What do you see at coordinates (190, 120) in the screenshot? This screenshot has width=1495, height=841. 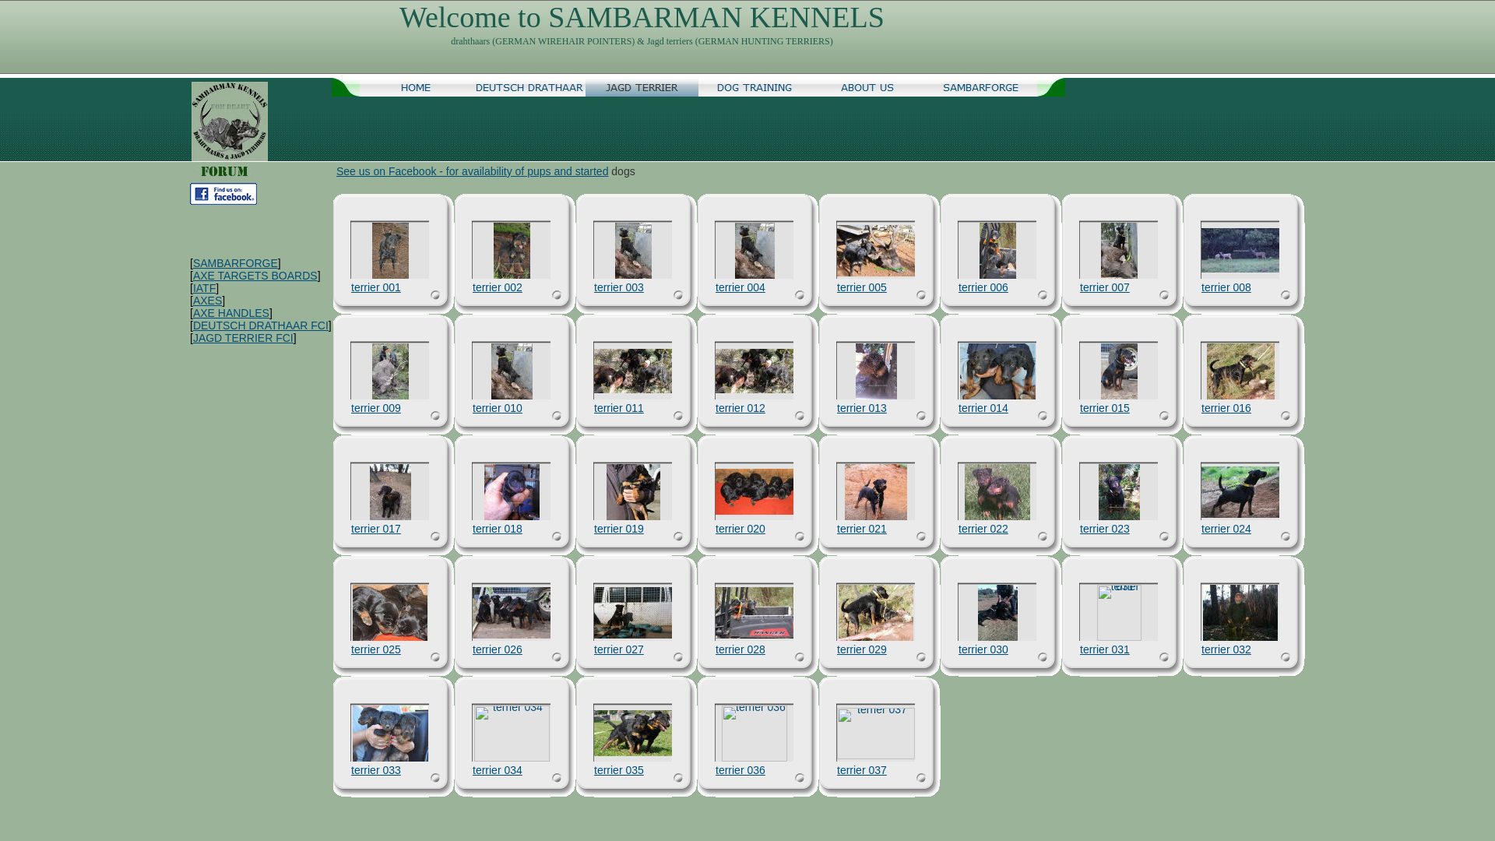 I see `'sambarman kennels'` at bounding box center [190, 120].